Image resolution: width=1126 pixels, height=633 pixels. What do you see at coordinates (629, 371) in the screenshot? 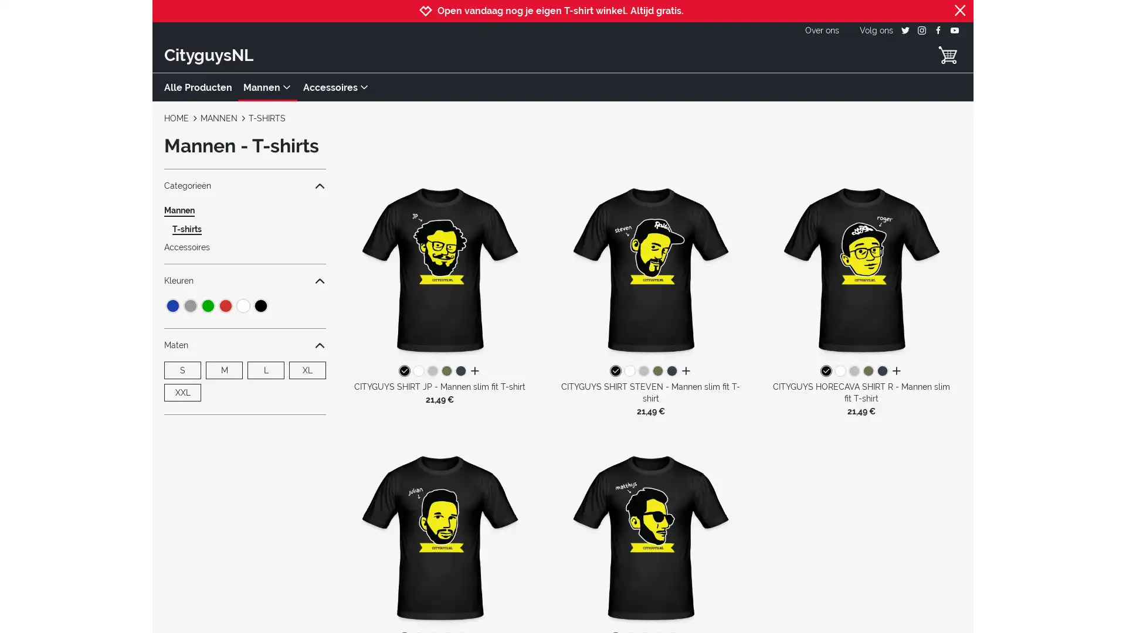
I see `wit` at bounding box center [629, 371].